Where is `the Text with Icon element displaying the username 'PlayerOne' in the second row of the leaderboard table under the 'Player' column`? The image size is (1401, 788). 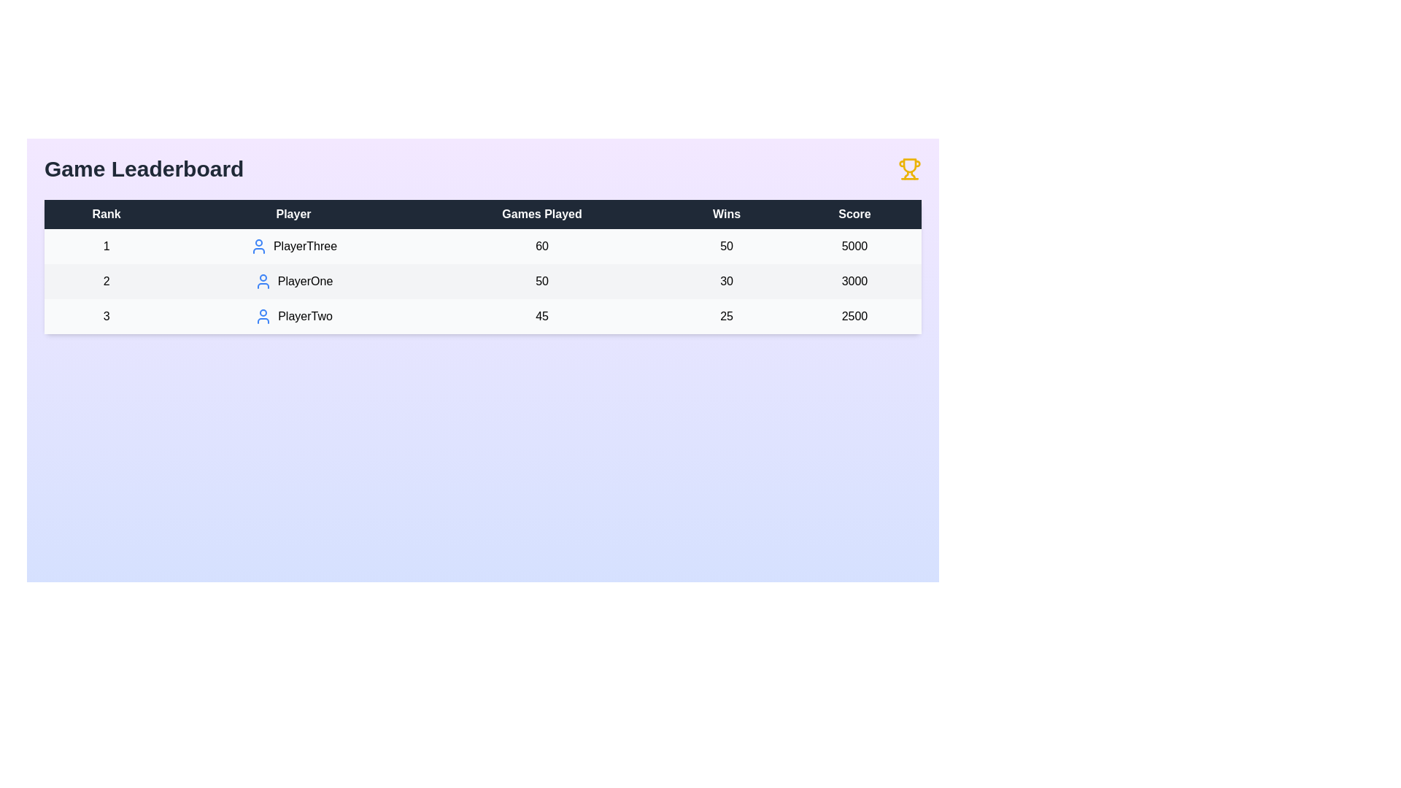 the Text with Icon element displaying the username 'PlayerOne' in the second row of the leaderboard table under the 'Player' column is located at coordinates (293, 281).